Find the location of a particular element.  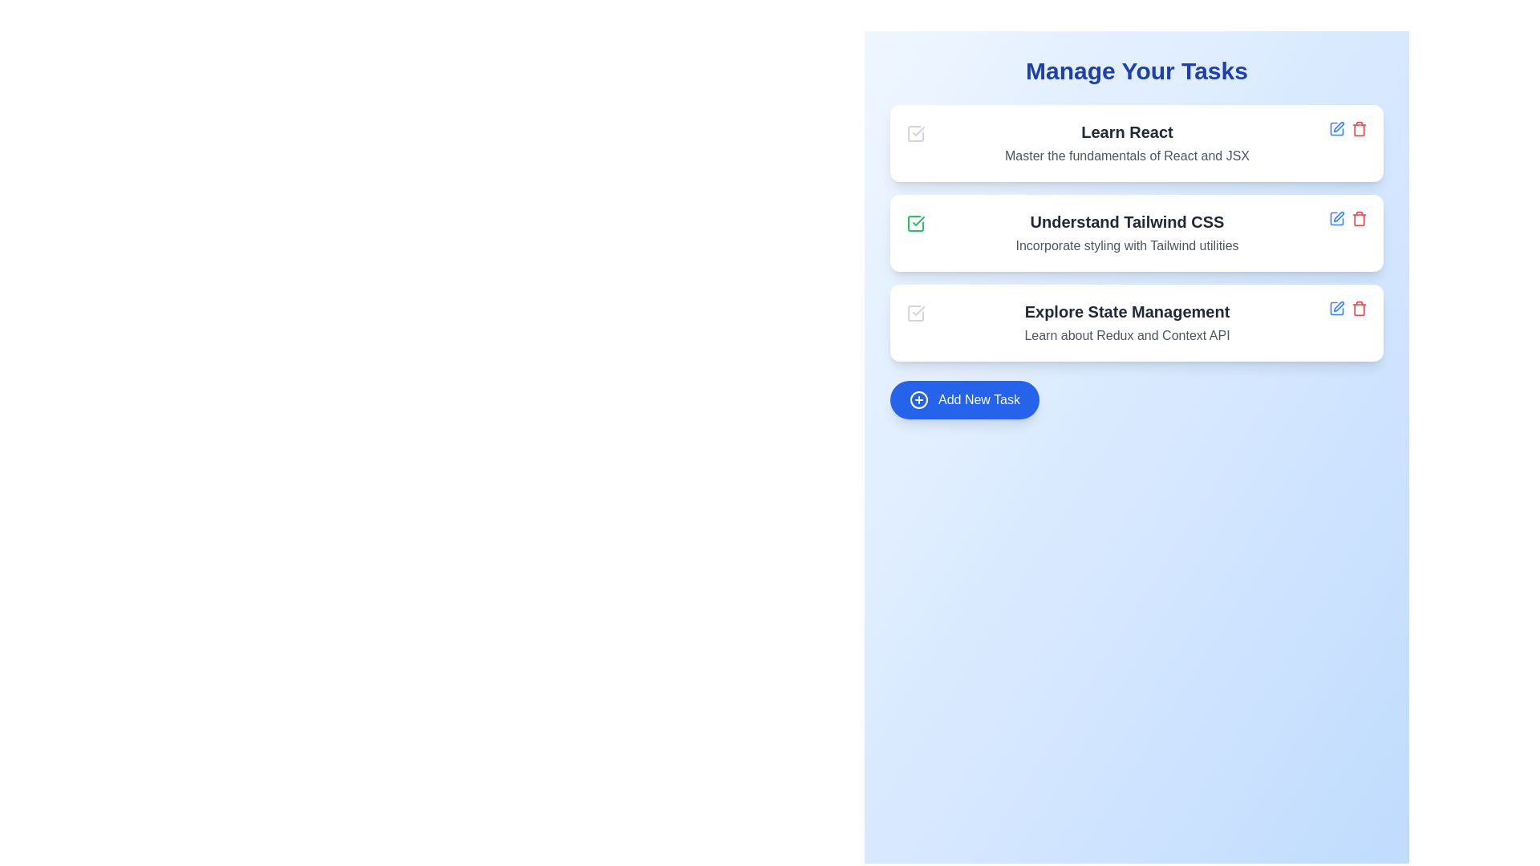

the static text element that reads 'Learn about Redux and Context API', which is positioned under the heading 'Explore State Management' in the third task card is located at coordinates (1126, 335).